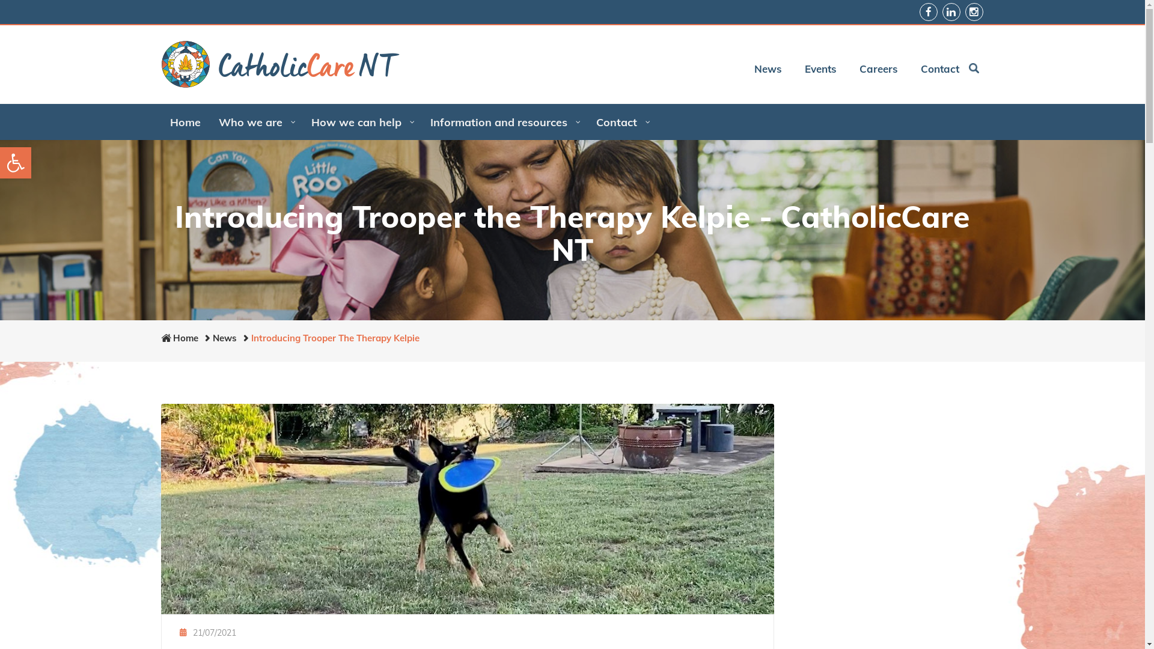 This screenshot has height=649, width=1154. What do you see at coordinates (763, 69) in the screenshot?
I see `'News'` at bounding box center [763, 69].